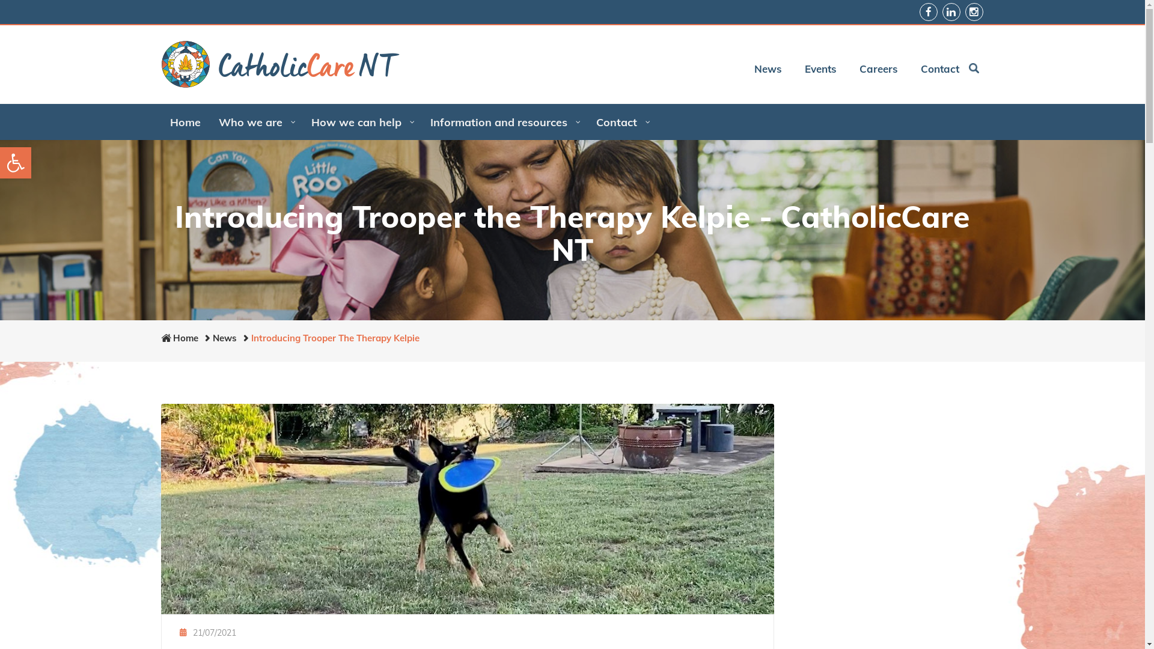 This screenshot has height=649, width=1154. What do you see at coordinates (763, 69) in the screenshot?
I see `'News'` at bounding box center [763, 69].